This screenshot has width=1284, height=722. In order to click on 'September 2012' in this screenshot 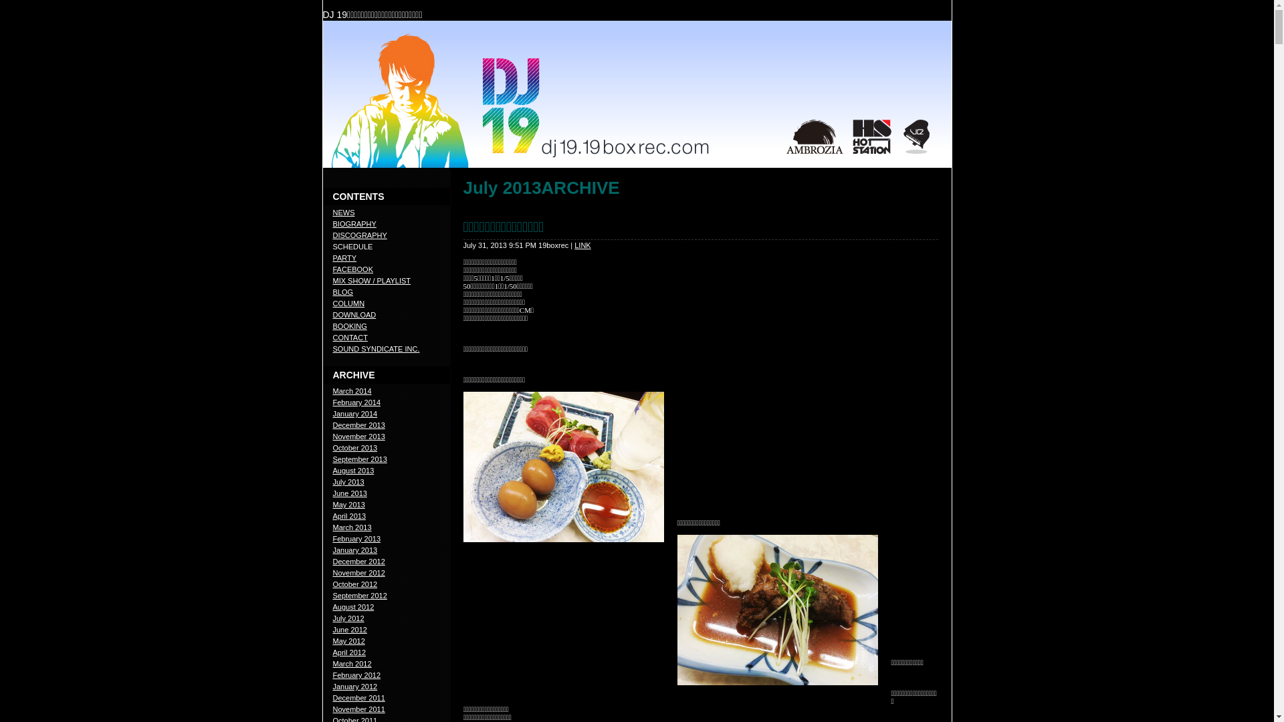, I will do `click(333, 595)`.